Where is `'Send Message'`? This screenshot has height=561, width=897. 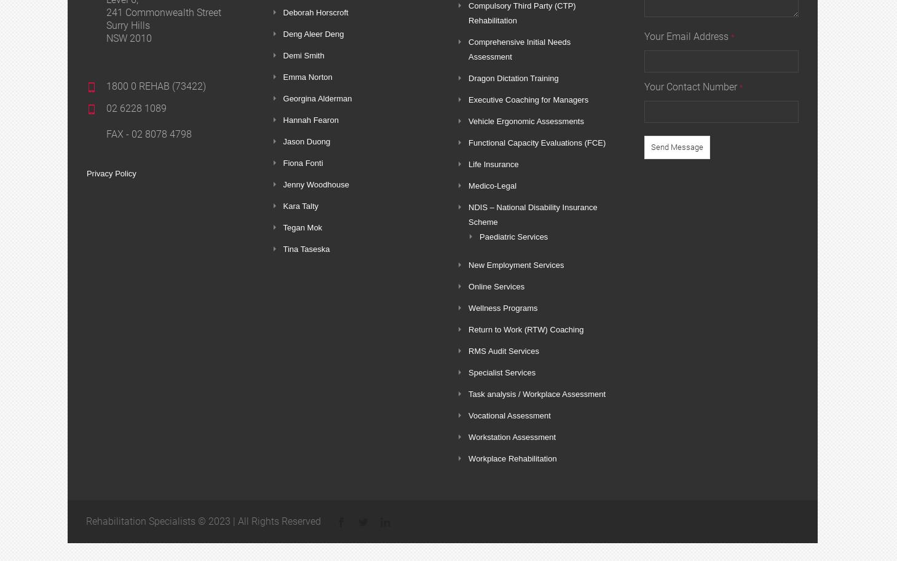 'Send Message' is located at coordinates (676, 146).